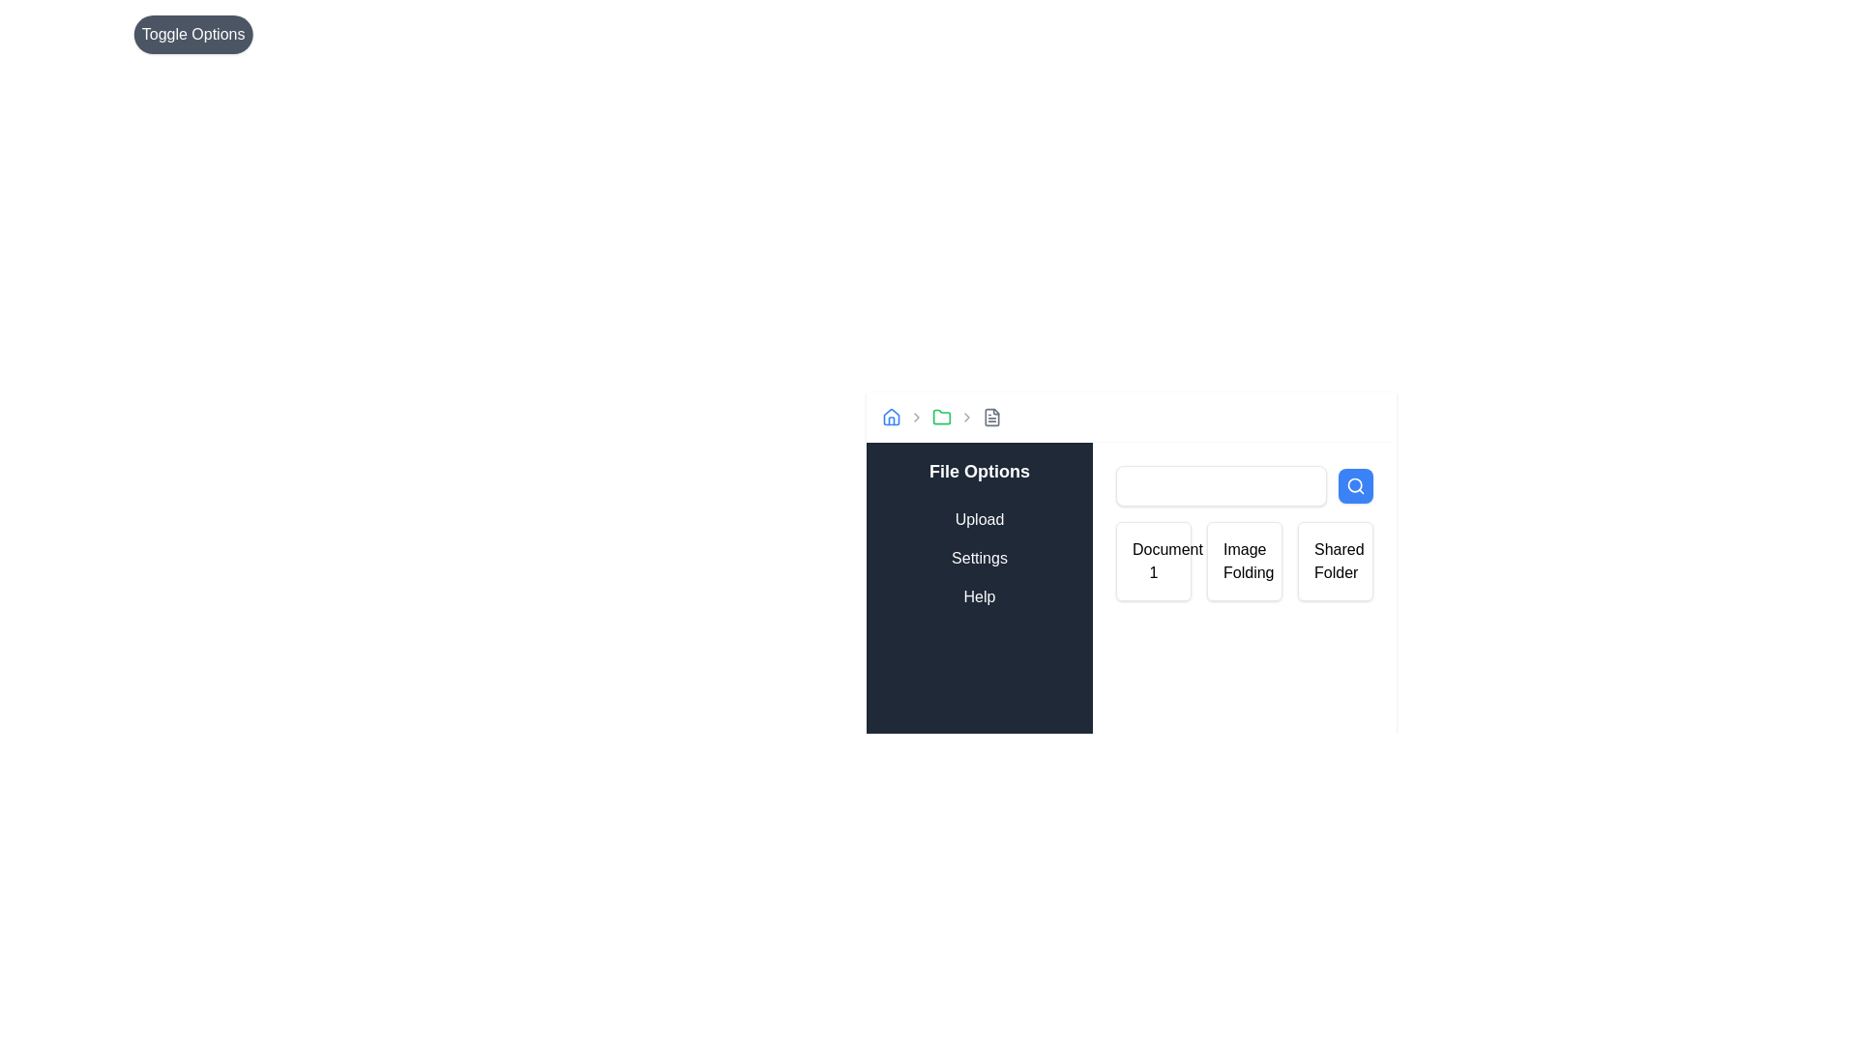 The width and height of the screenshot is (1857, 1044). Describe the element at coordinates (942, 416) in the screenshot. I see `the folder icon located in the top navigation area, to the right of the breadcrumb navigation bar` at that location.